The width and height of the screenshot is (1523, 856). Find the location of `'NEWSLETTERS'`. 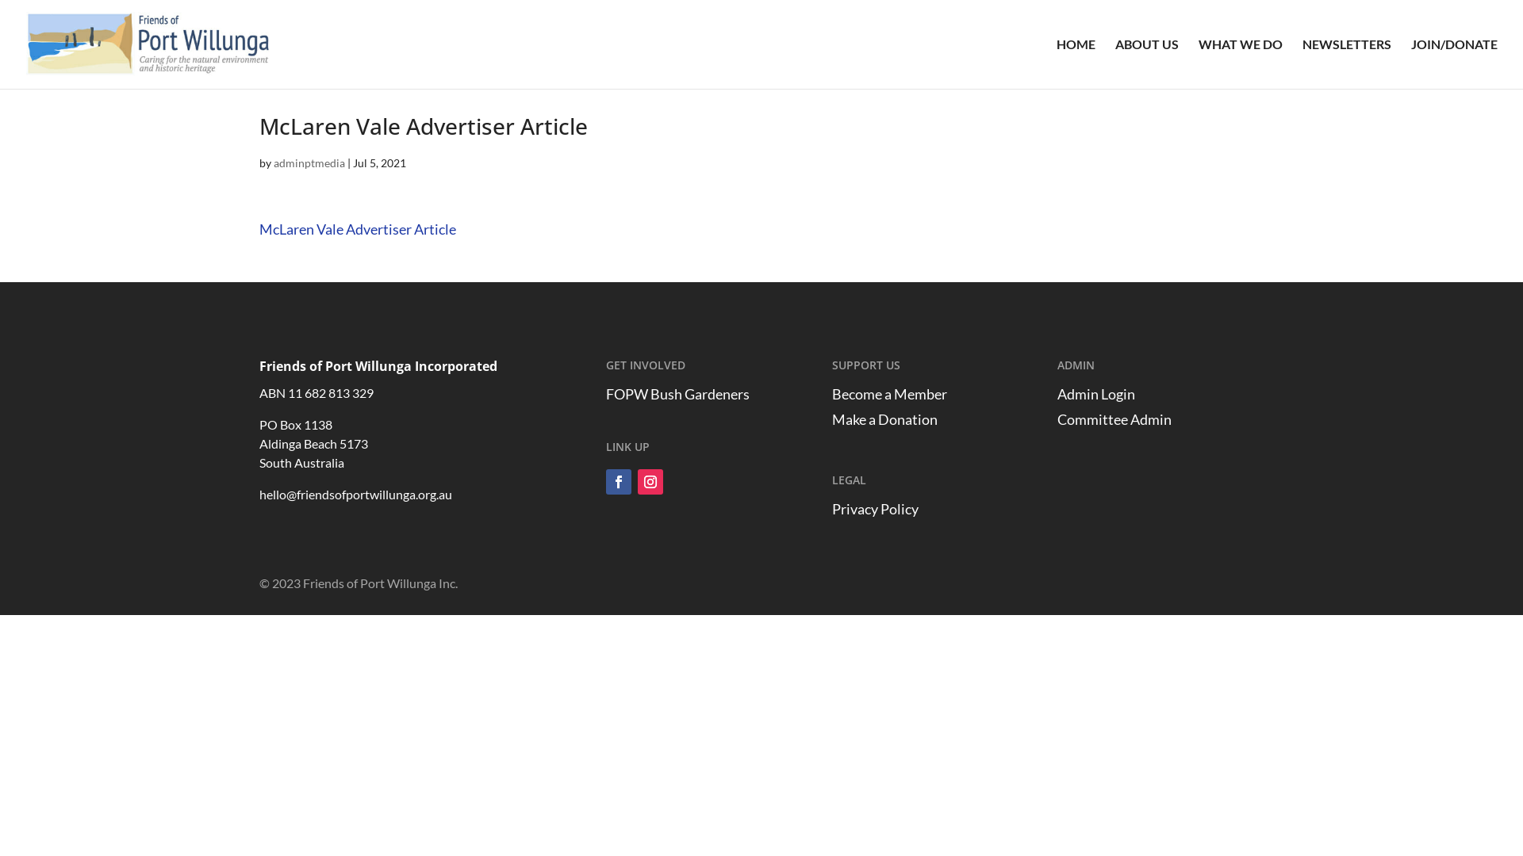

'NEWSLETTERS' is located at coordinates (1346, 63).